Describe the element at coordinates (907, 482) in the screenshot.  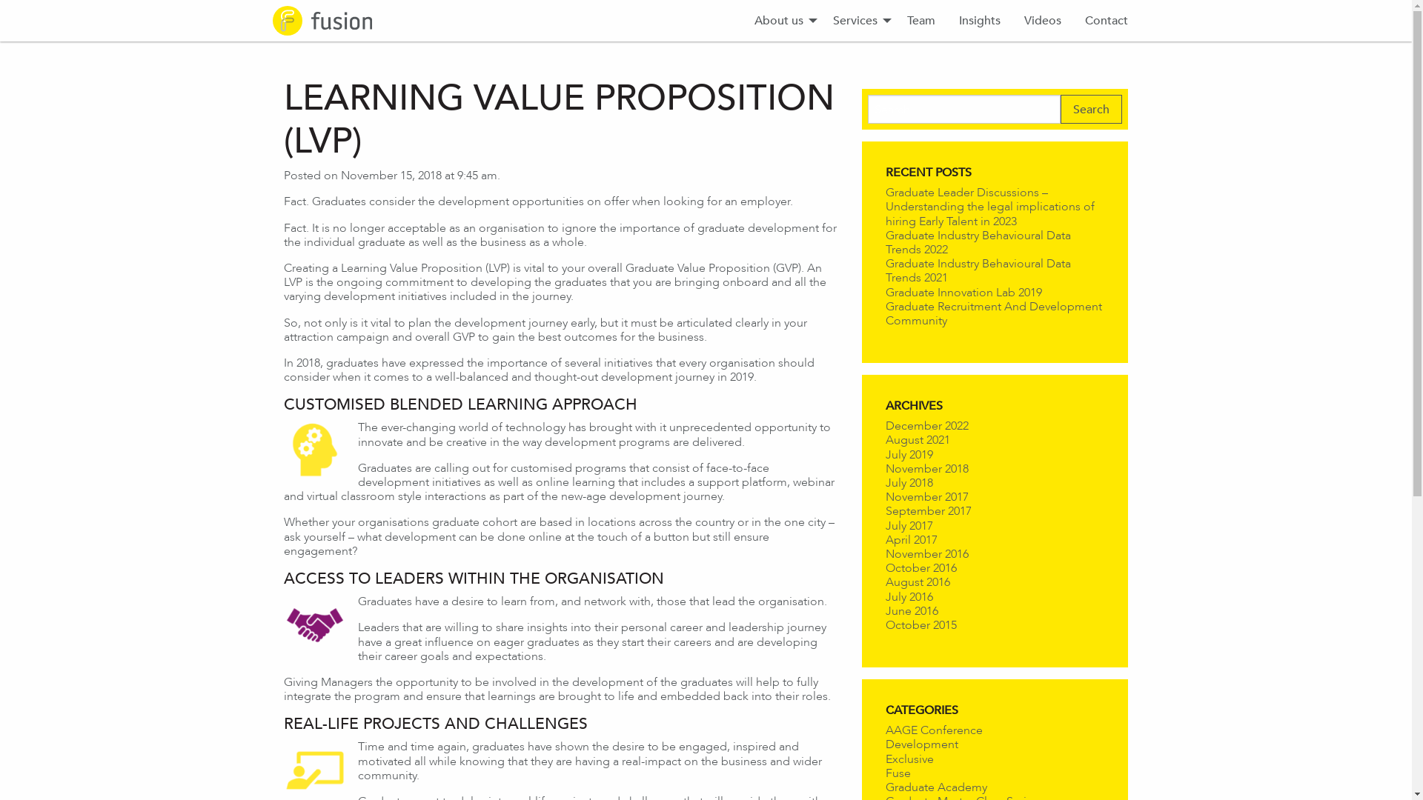
I see `'July 2018'` at that location.